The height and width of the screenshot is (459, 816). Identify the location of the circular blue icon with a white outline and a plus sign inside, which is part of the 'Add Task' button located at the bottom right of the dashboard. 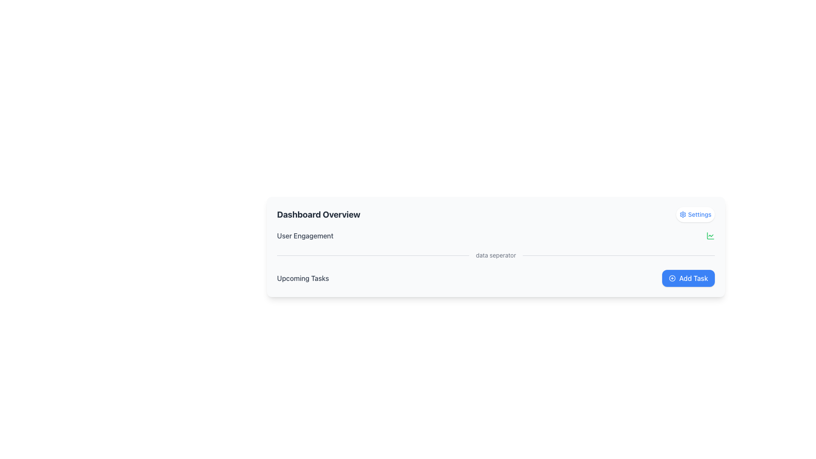
(672, 278).